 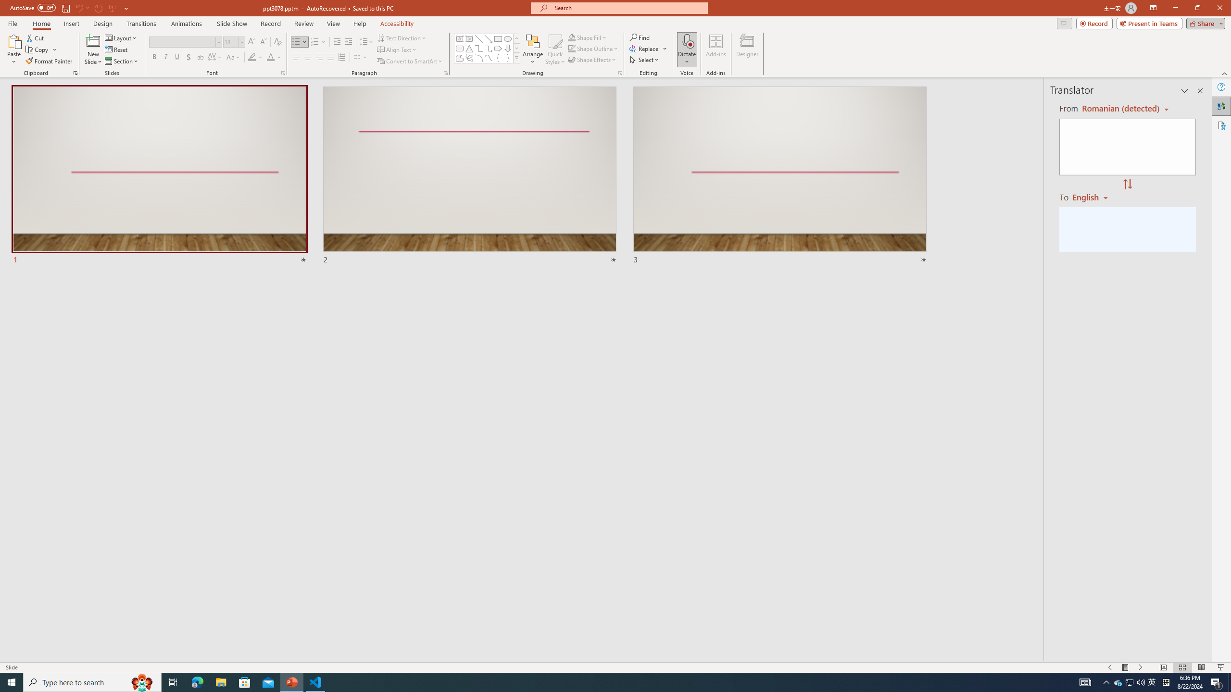 What do you see at coordinates (122, 61) in the screenshot?
I see `'Section'` at bounding box center [122, 61].